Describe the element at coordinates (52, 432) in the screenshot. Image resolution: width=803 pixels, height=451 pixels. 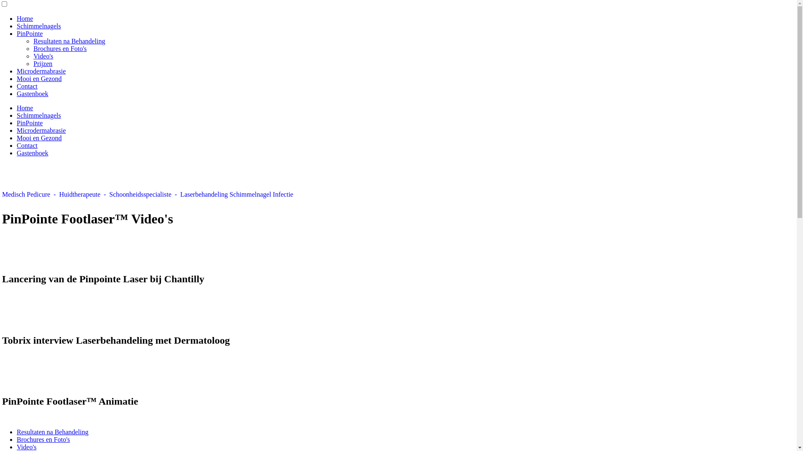
I see `'Resultaten na Behandeling'` at that location.